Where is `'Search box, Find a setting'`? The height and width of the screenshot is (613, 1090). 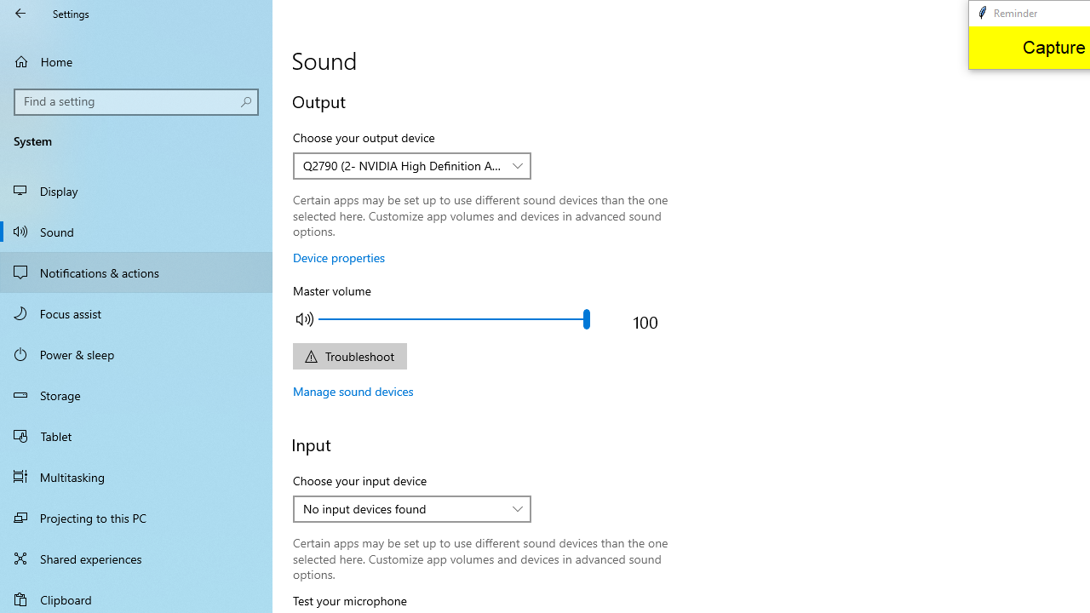 'Search box, Find a setting' is located at coordinates (136, 101).